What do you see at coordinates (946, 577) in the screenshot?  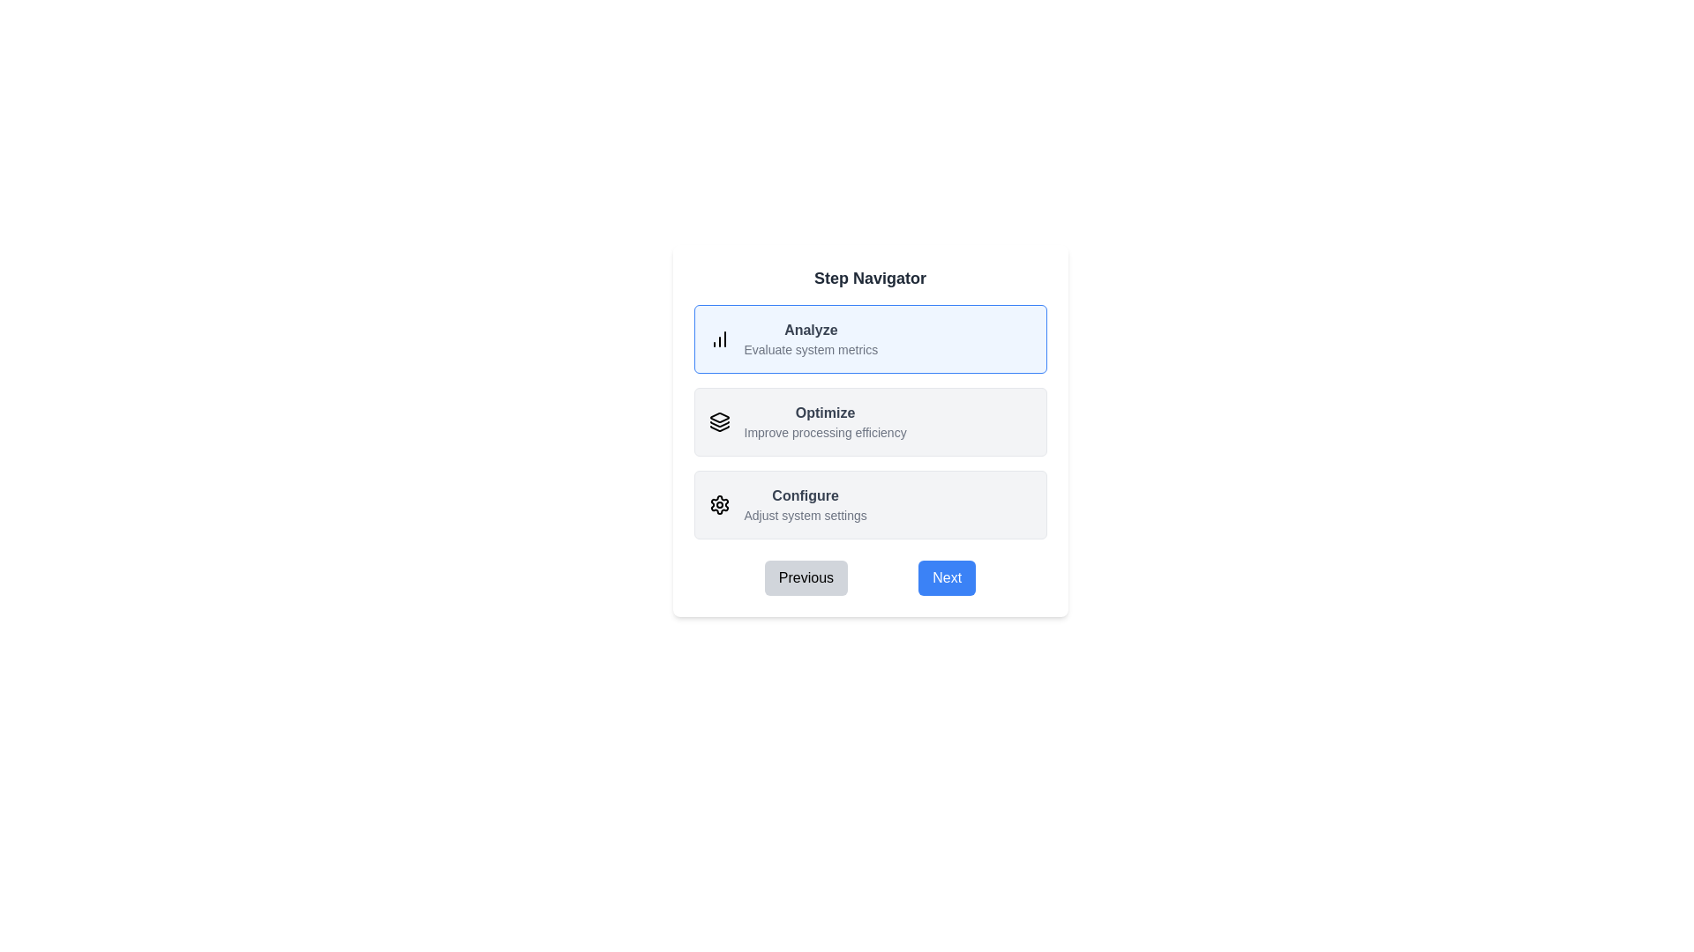 I see `the 'Next' button, which has a blue background and rounded corners` at bounding box center [946, 577].